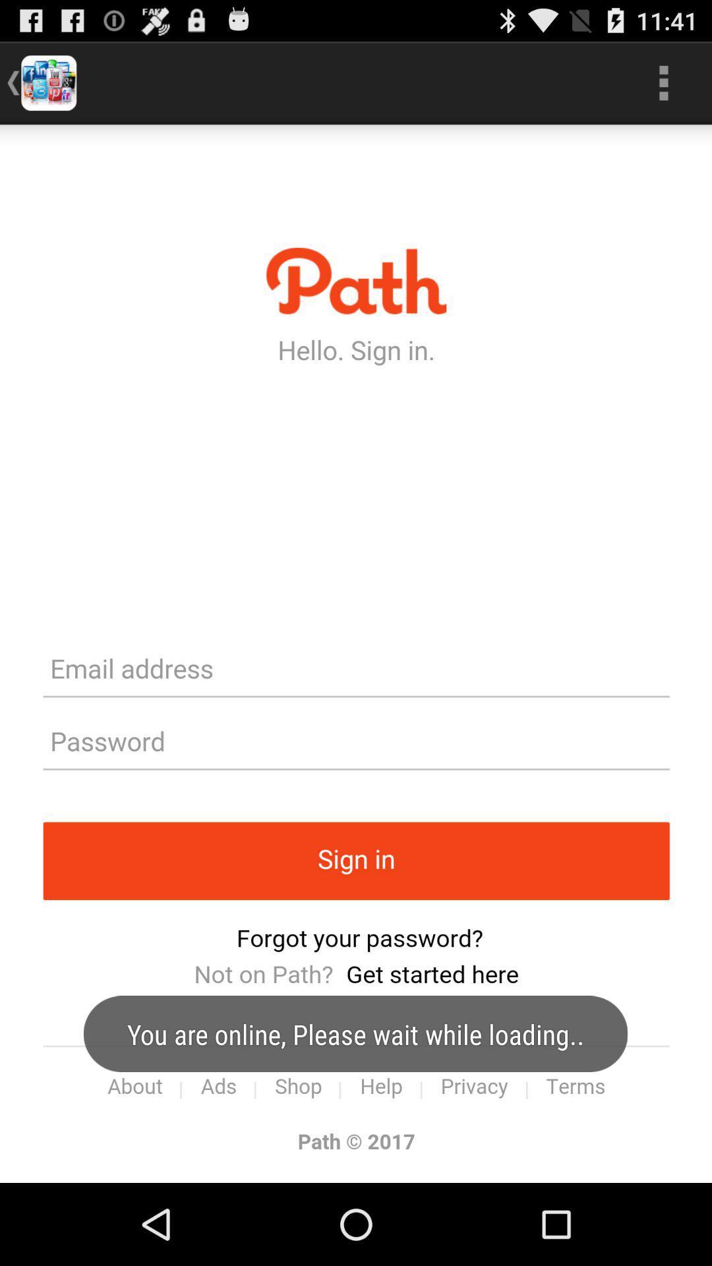  I want to click on login page, so click(356, 653).